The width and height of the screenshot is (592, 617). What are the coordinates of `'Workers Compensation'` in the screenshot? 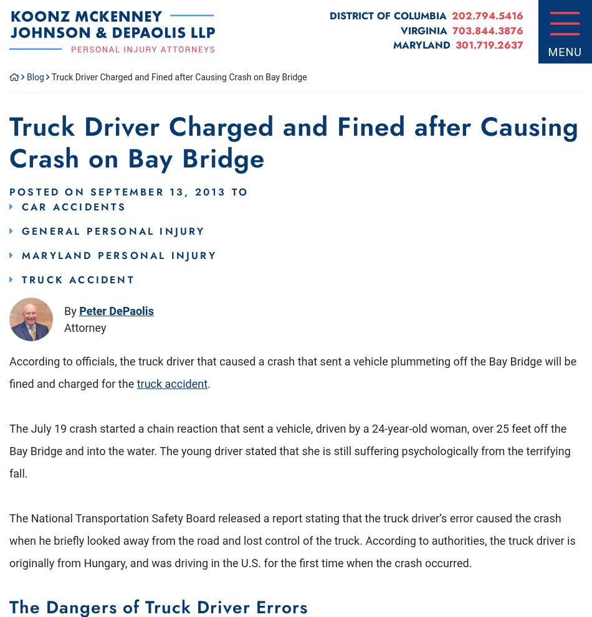 It's located at (128, 308).